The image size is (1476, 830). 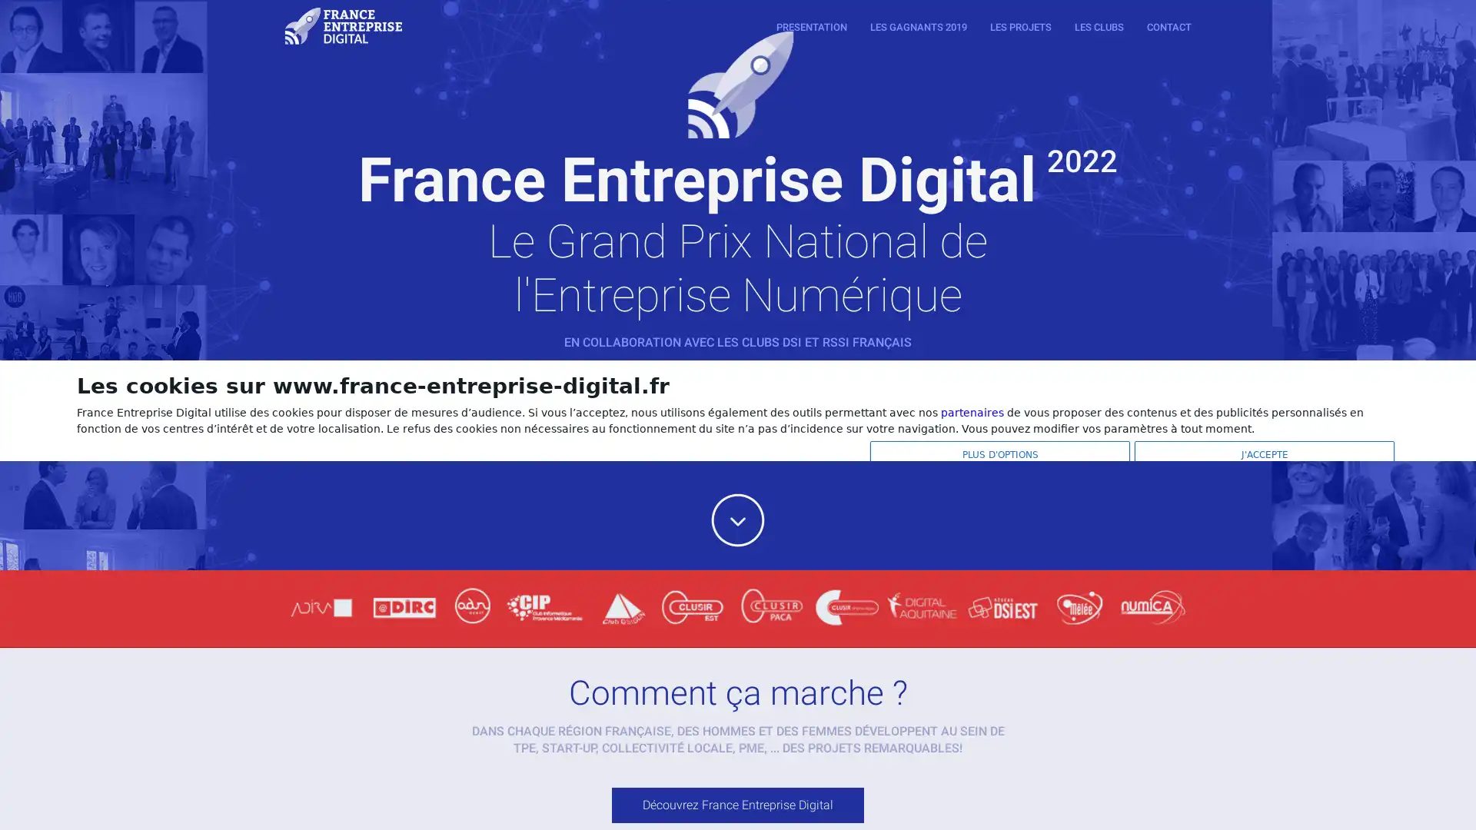 What do you see at coordinates (1261, 456) in the screenshot?
I see `J'ACCEPTE` at bounding box center [1261, 456].